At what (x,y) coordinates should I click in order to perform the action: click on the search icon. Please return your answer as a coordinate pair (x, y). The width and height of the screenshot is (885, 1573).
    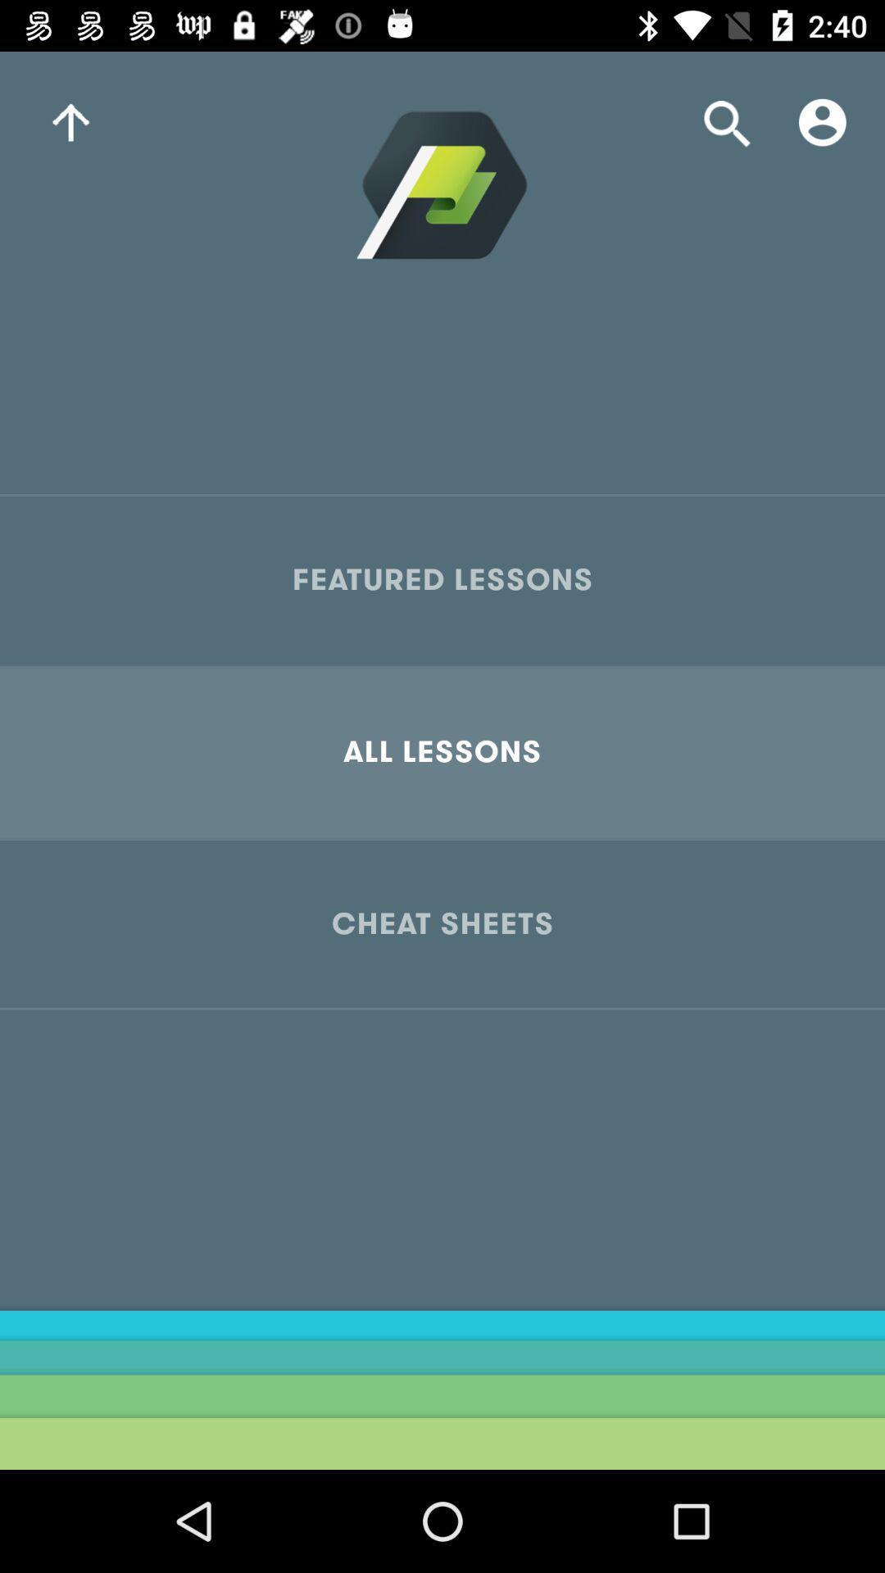
    Looking at the image, I should click on (727, 121).